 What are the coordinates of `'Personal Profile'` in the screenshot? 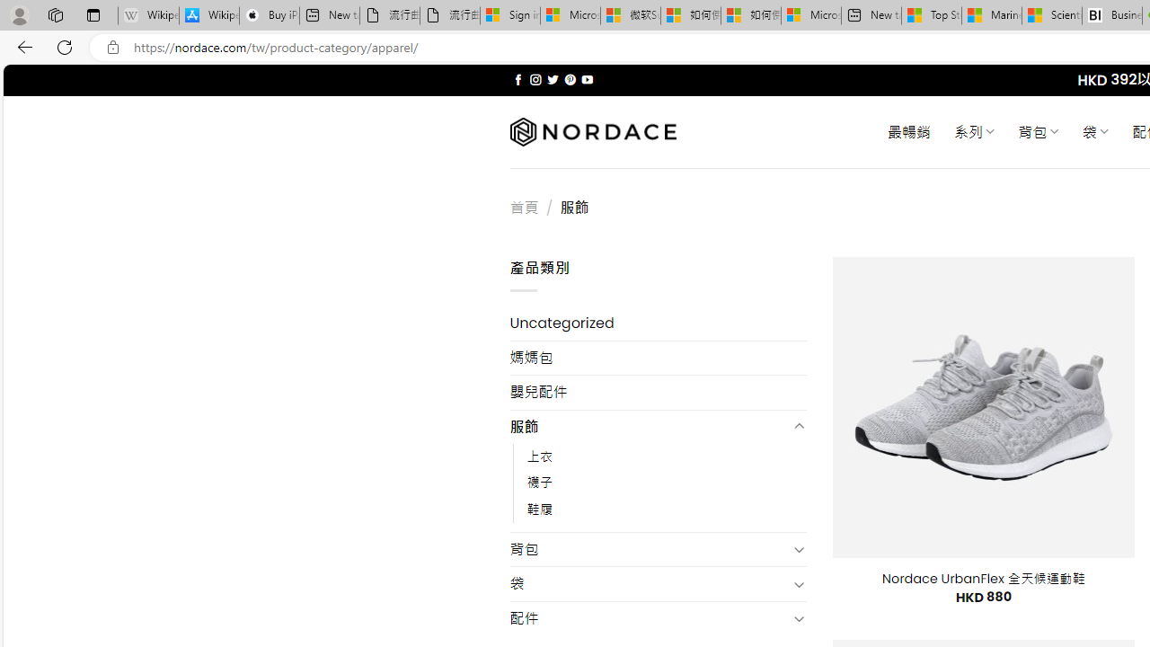 It's located at (19, 14).